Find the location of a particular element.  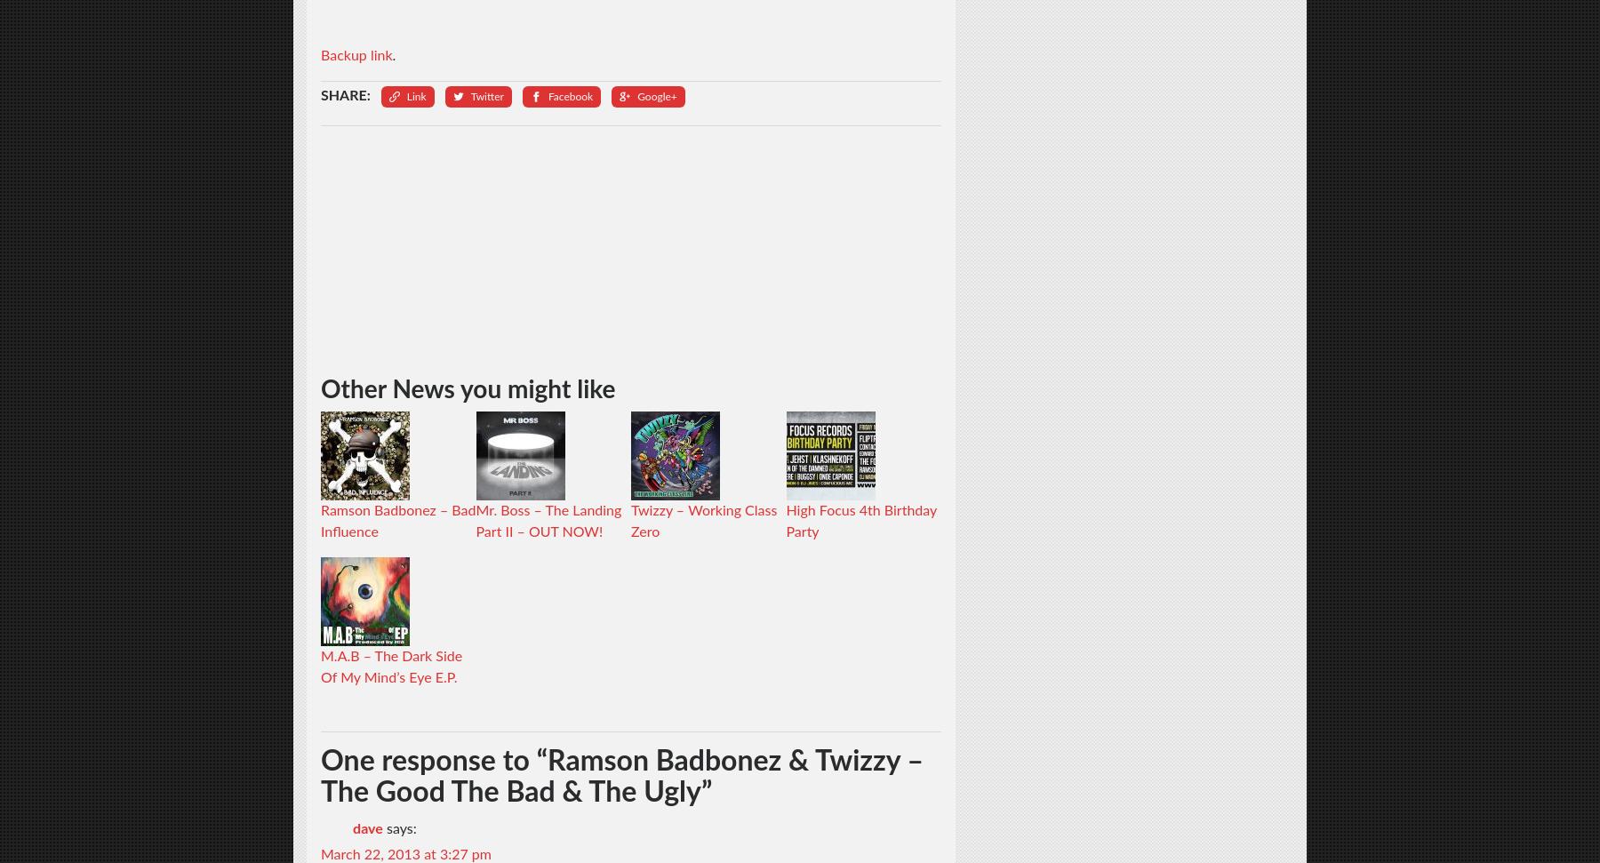

'High Focus 4th Birthday Party' is located at coordinates (860, 520).